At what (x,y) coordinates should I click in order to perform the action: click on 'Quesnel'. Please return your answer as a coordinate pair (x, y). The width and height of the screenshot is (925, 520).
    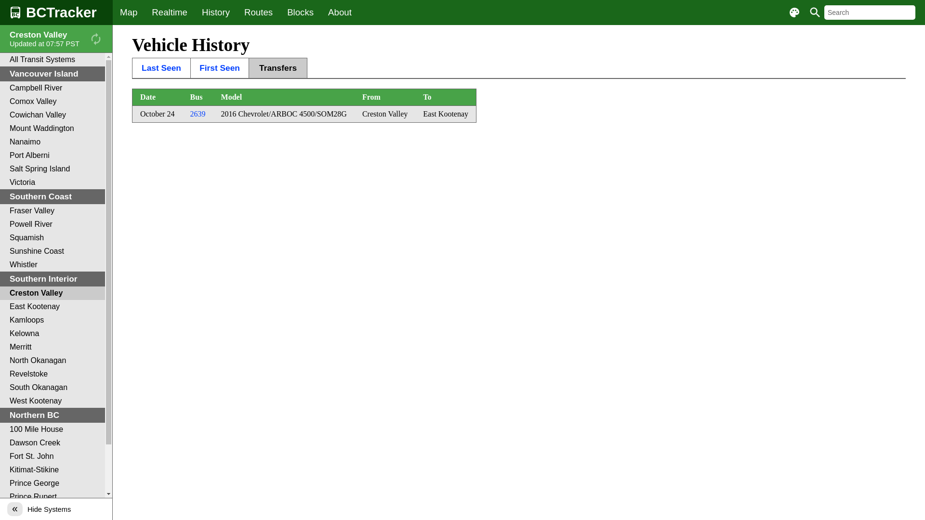
    Looking at the image, I should click on (52, 510).